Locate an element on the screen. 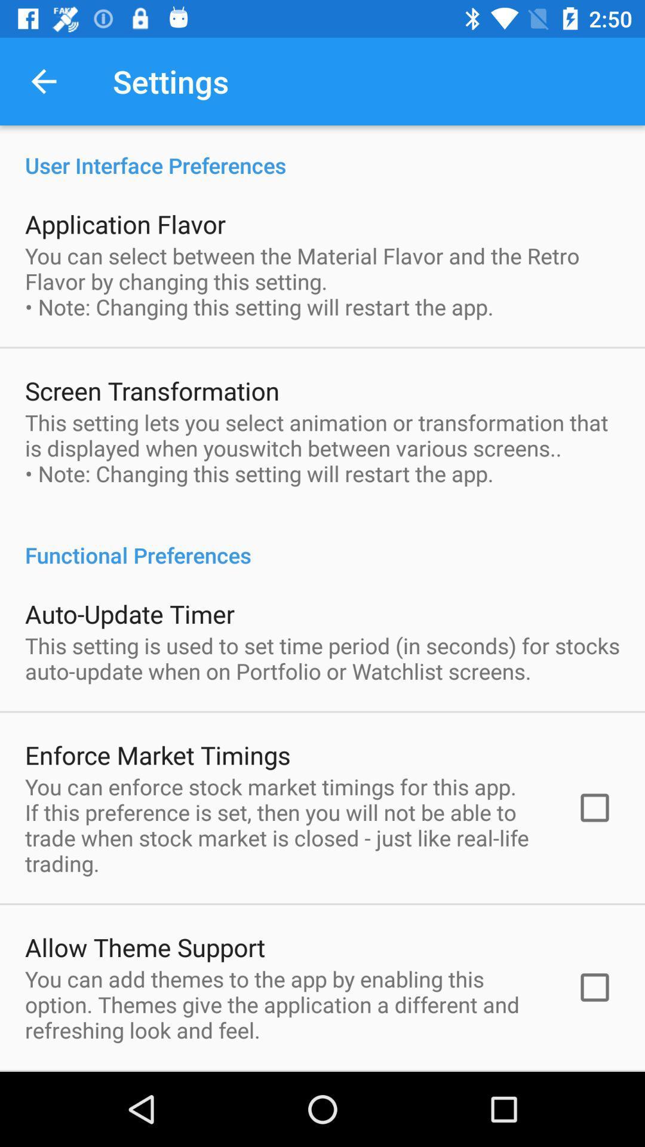  allow theme support is located at coordinates (145, 946).